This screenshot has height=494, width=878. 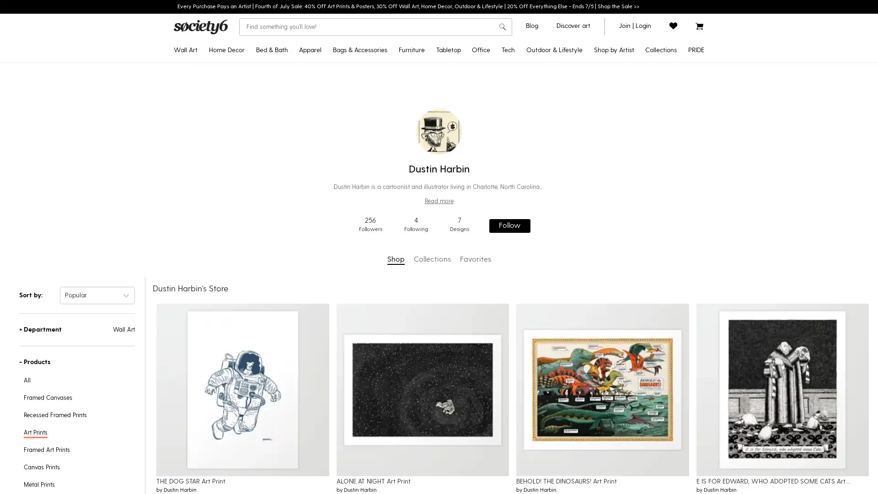 I want to click on Canvas Prints, so click(x=215, y=117).